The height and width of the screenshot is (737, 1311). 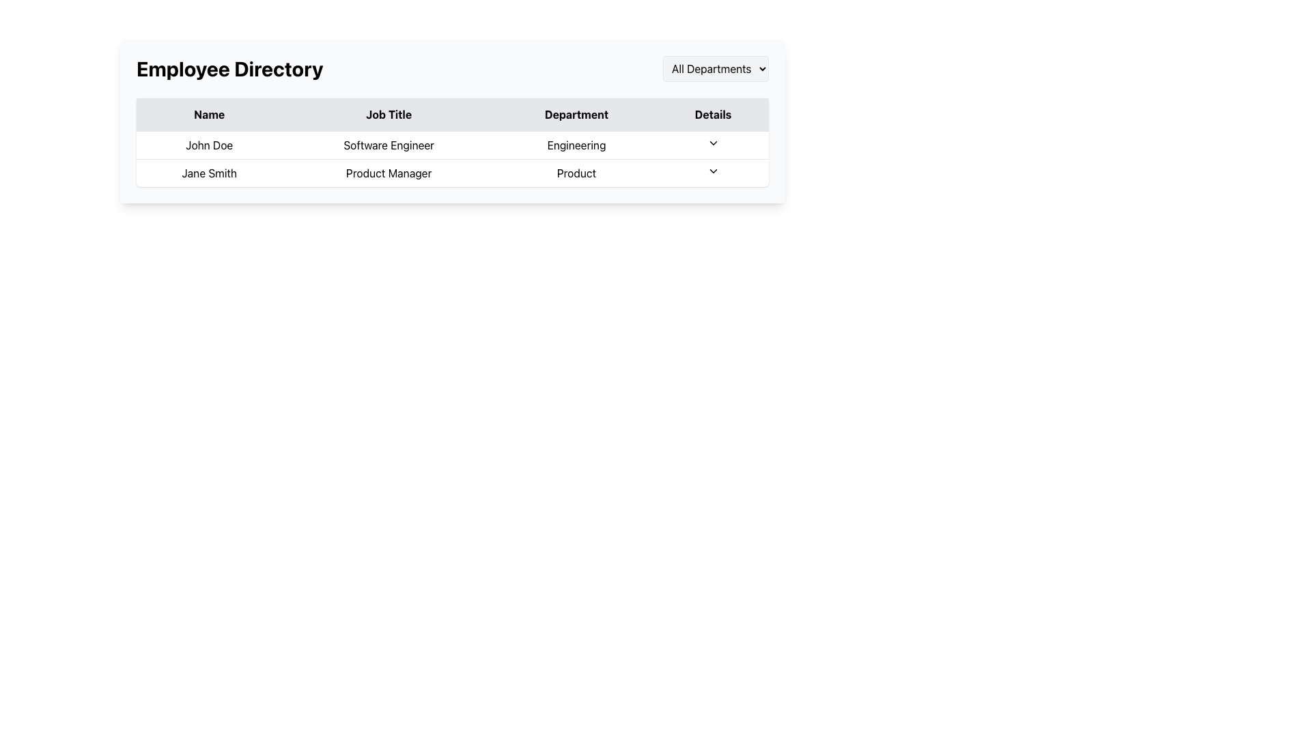 I want to click on the Label/Text Display that shows the job title for 'John Doe', located in the second column of the corresponding row, between the 'Name' and 'Department' columns, so click(x=388, y=145).